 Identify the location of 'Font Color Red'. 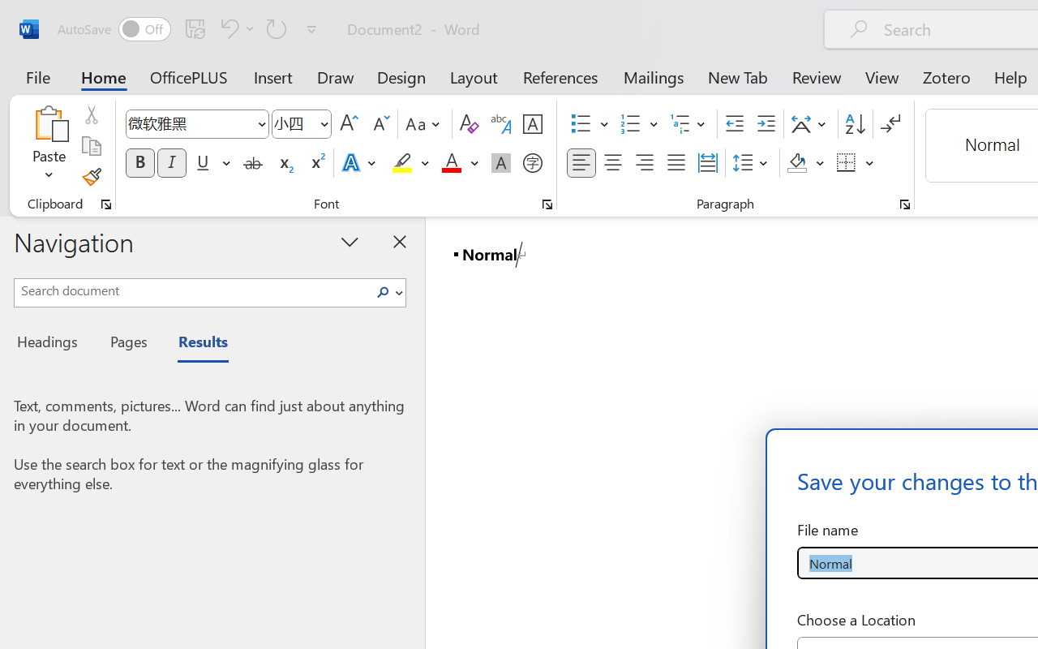
(451, 163).